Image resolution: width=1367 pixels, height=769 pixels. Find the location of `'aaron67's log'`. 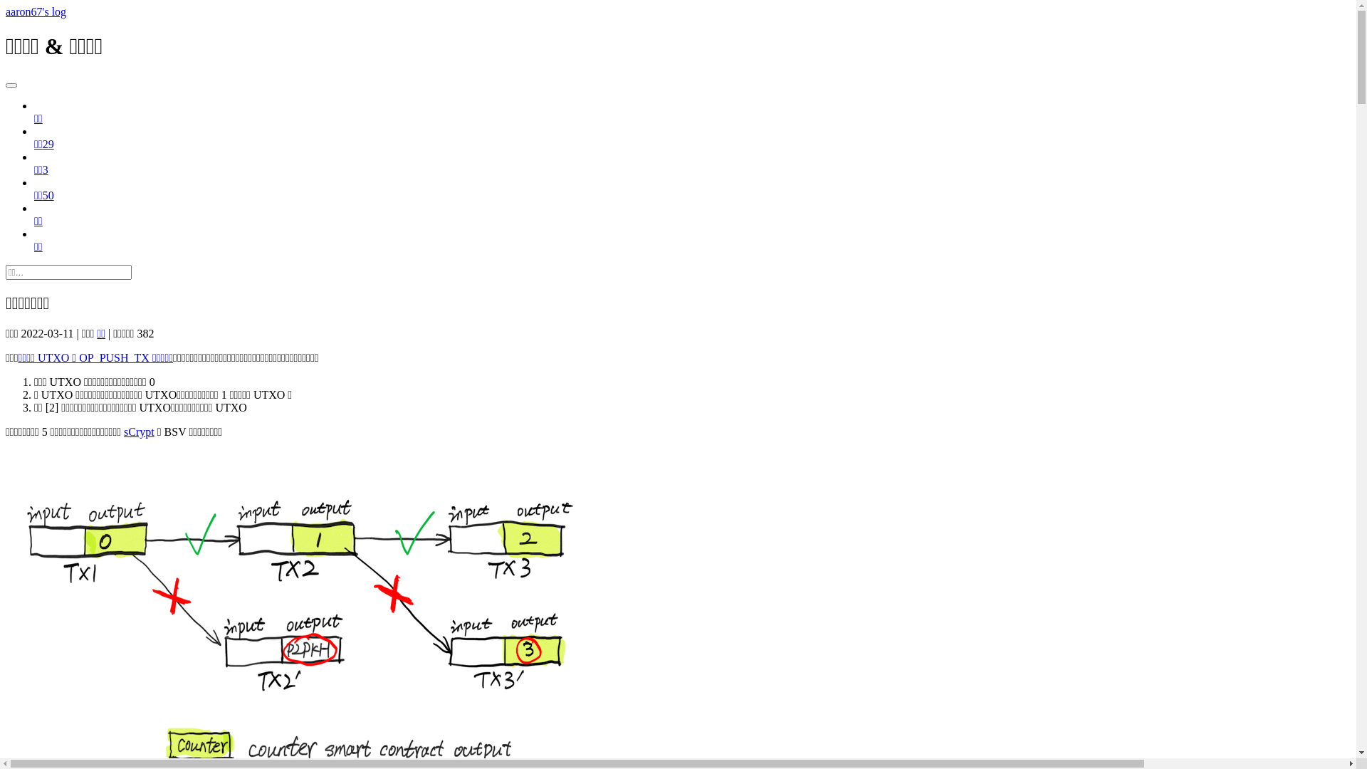

'aaron67's log' is located at coordinates (36, 11).